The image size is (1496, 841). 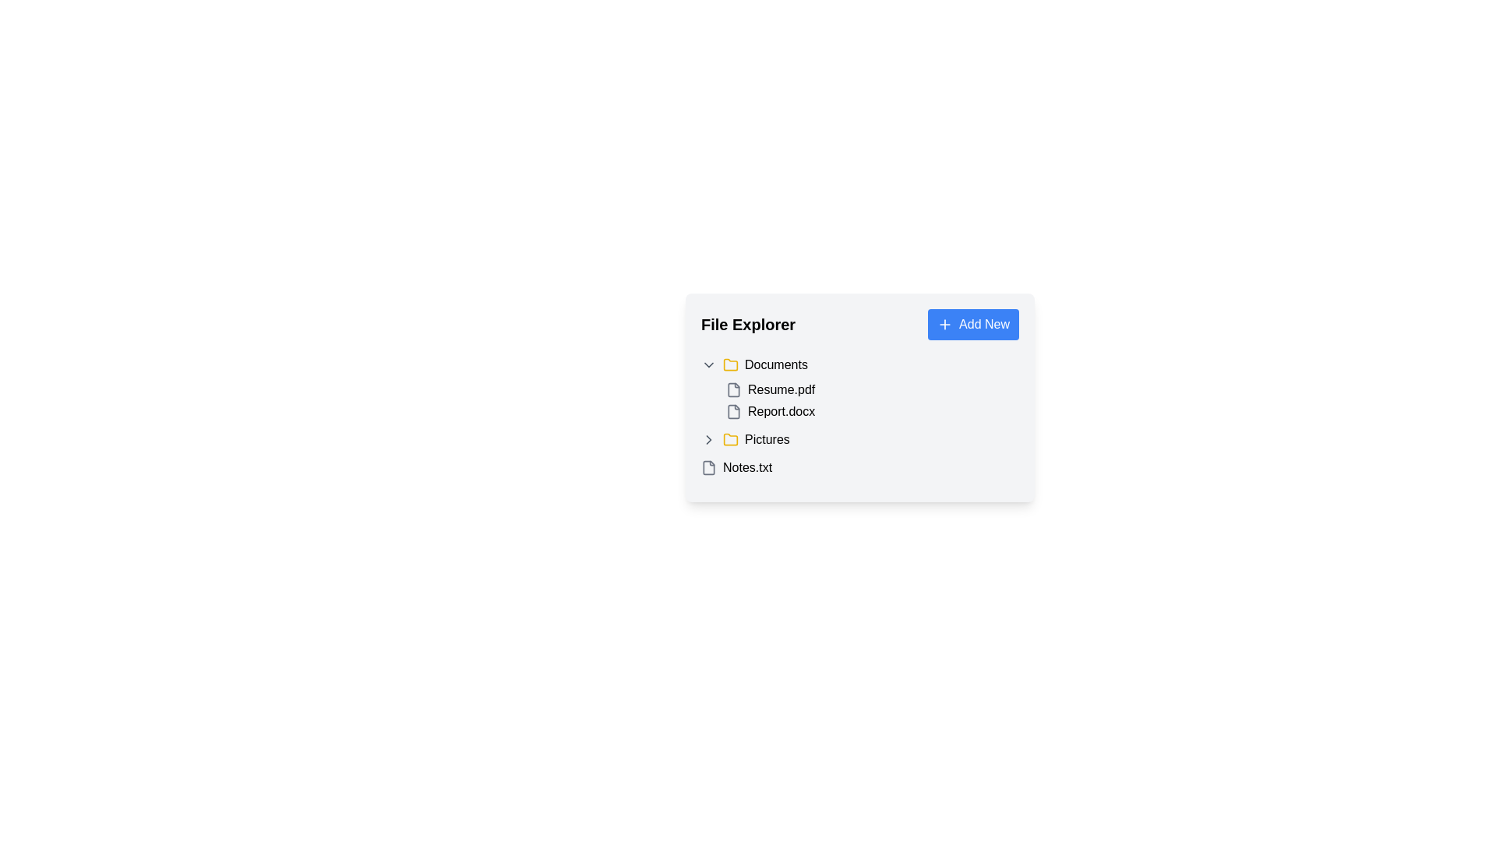 I want to click on the small yellow folder icon located adjacent to the 'Documents' label, so click(x=729, y=365).